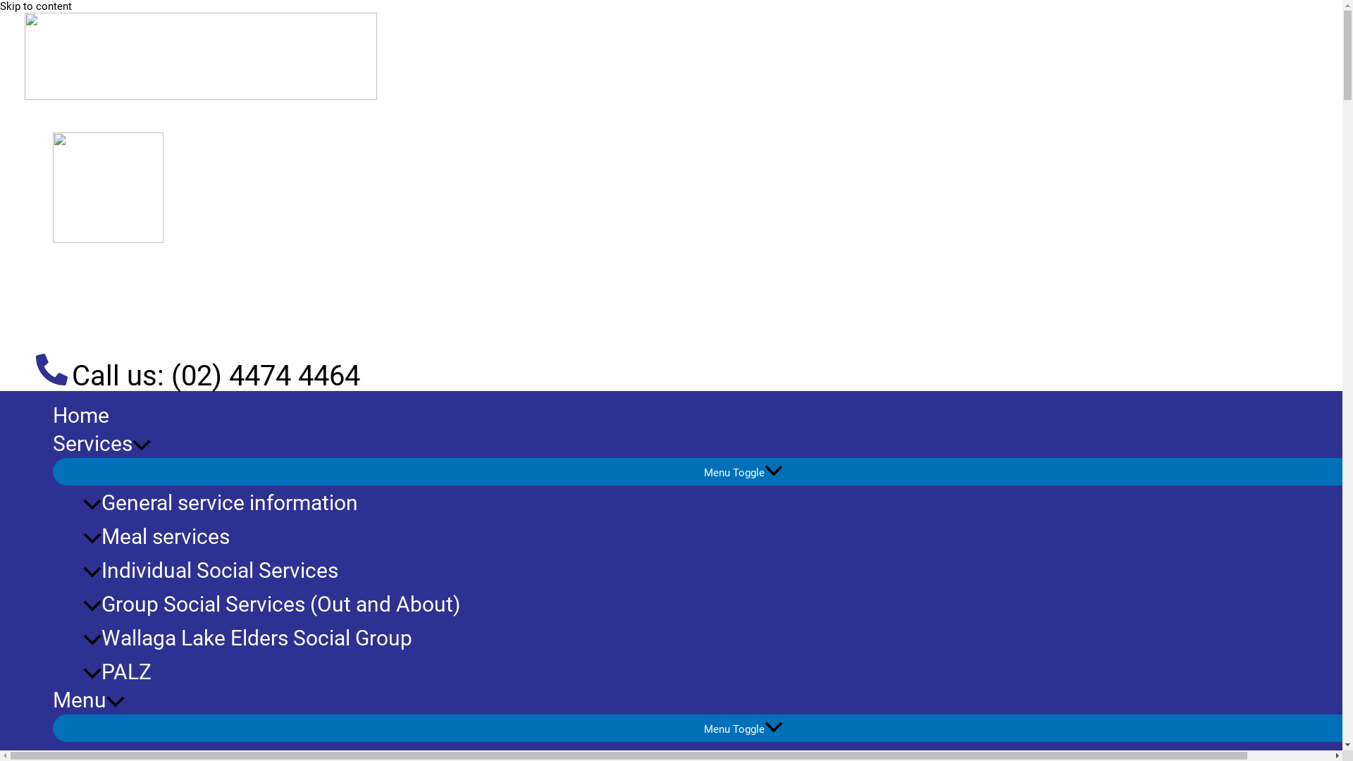 The height and width of the screenshot is (761, 1353). Describe the element at coordinates (36, 6) in the screenshot. I see `'Skip to content'` at that location.